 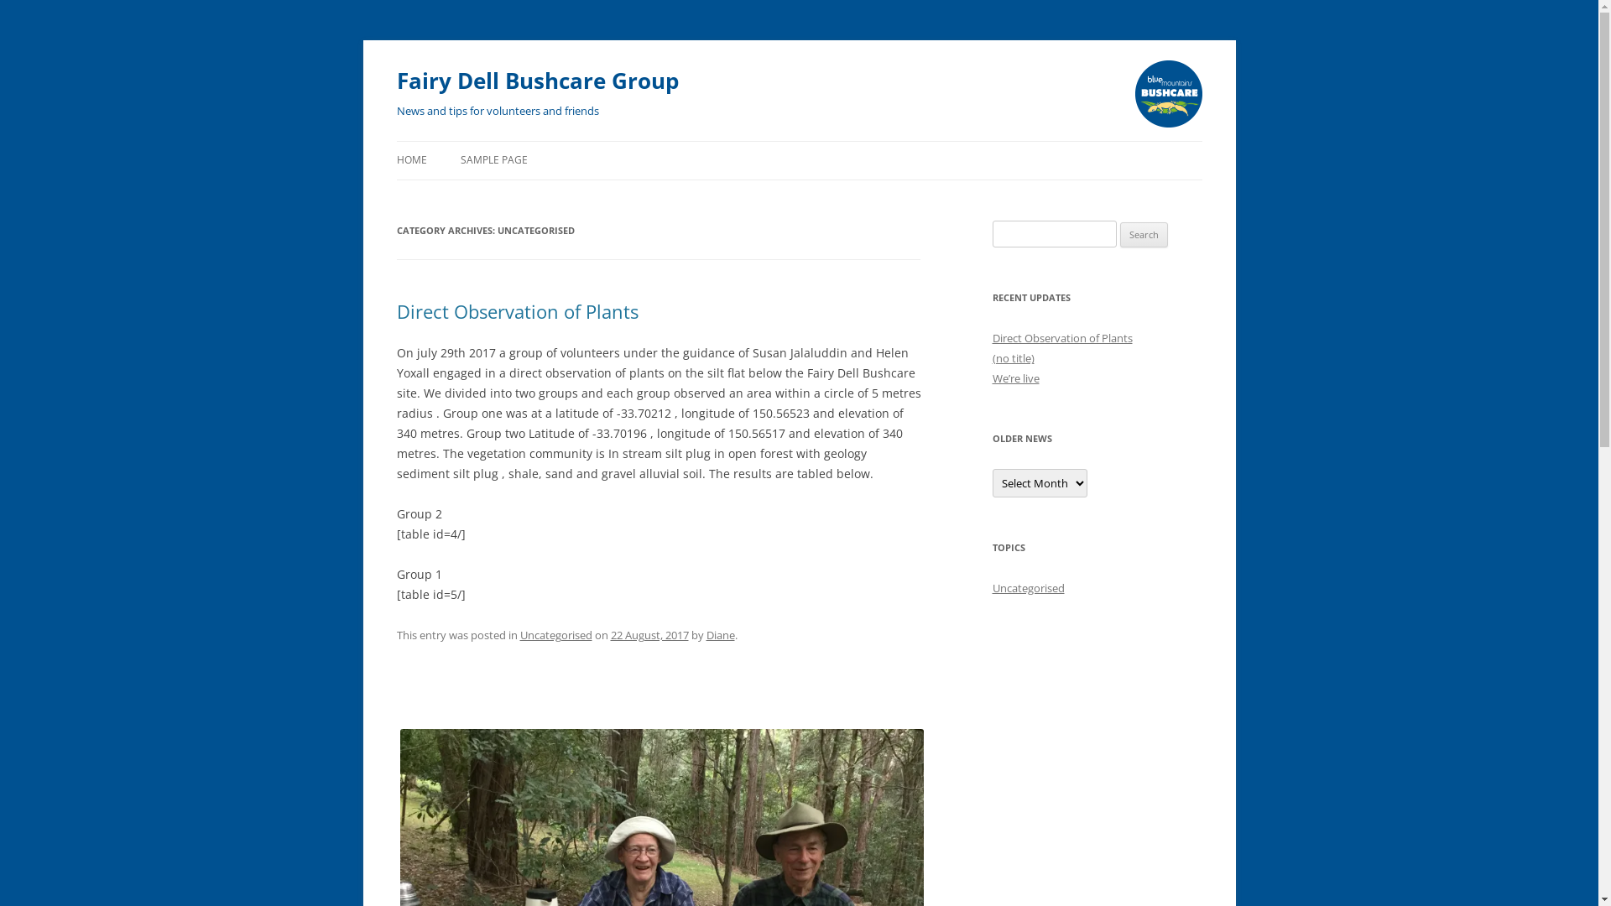 What do you see at coordinates (1061, 337) in the screenshot?
I see `'Direct Observation of Plants'` at bounding box center [1061, 337].